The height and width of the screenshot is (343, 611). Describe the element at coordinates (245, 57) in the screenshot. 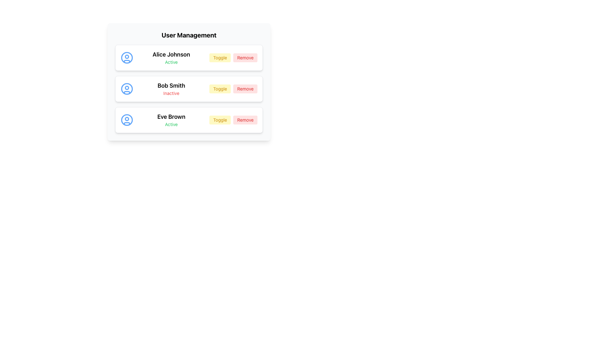

I see `the removal button located to the right of the 'Toggle' button in the action row for the user 'Alice Johnson' to initiate user removal` at that location.